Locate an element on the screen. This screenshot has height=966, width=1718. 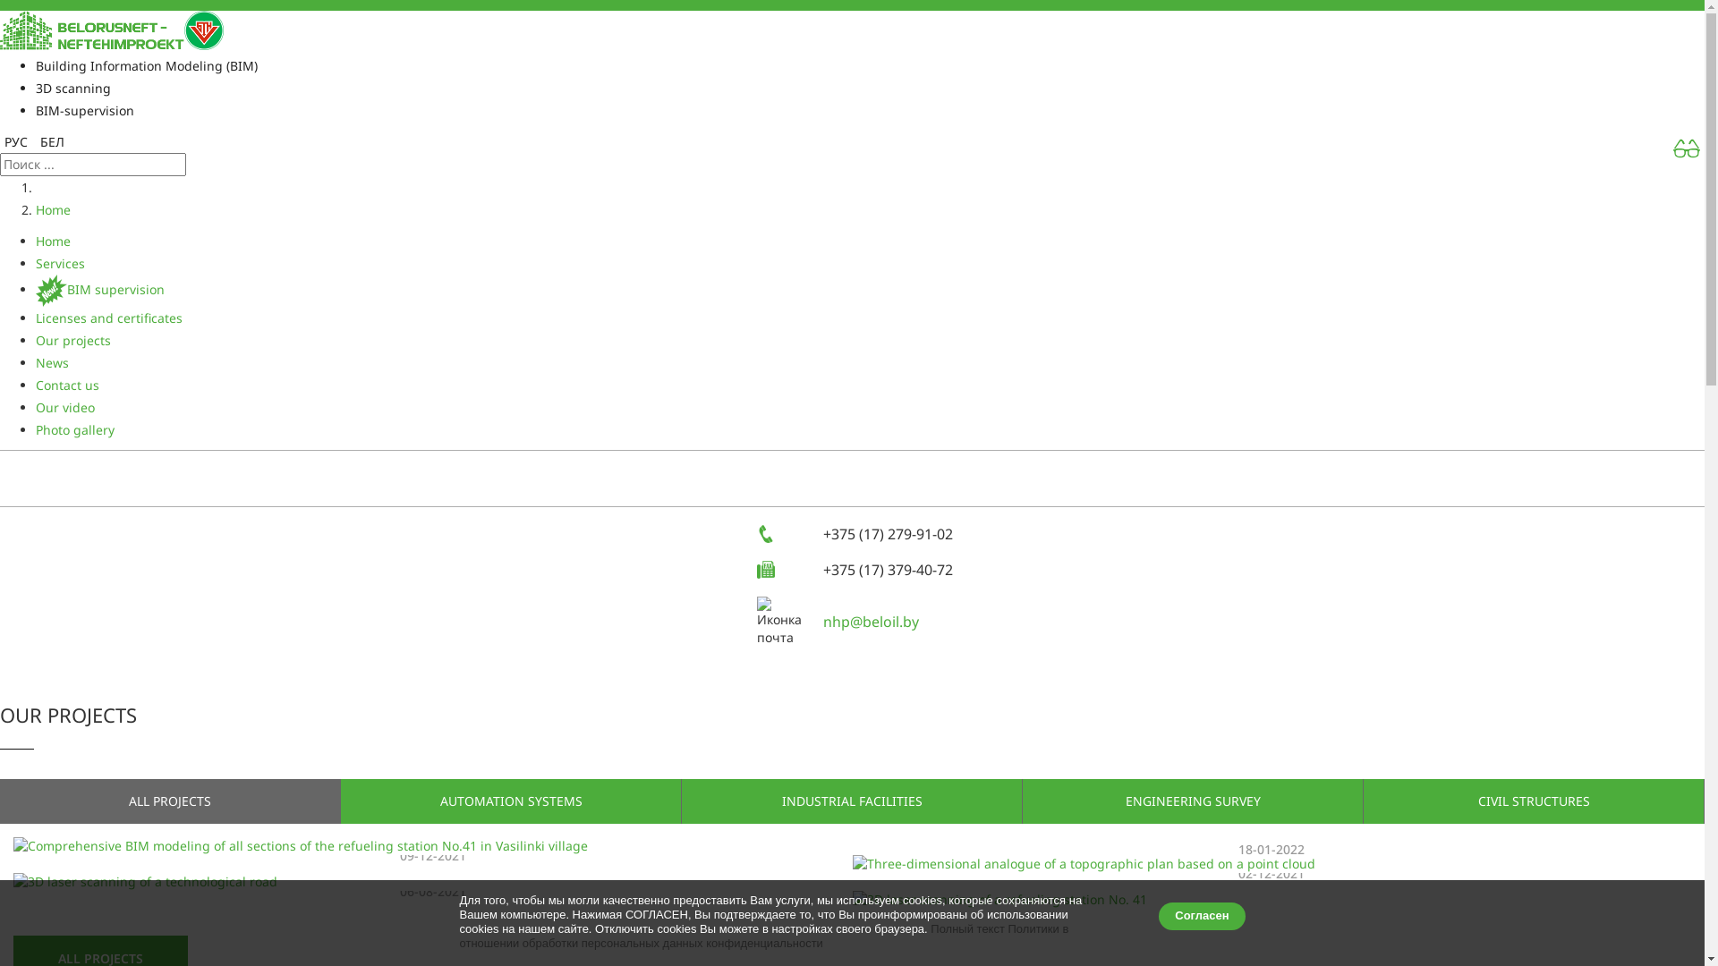
'Homepage Belorusneft-Neftehimproekt' is located at coordinates (0, 29).